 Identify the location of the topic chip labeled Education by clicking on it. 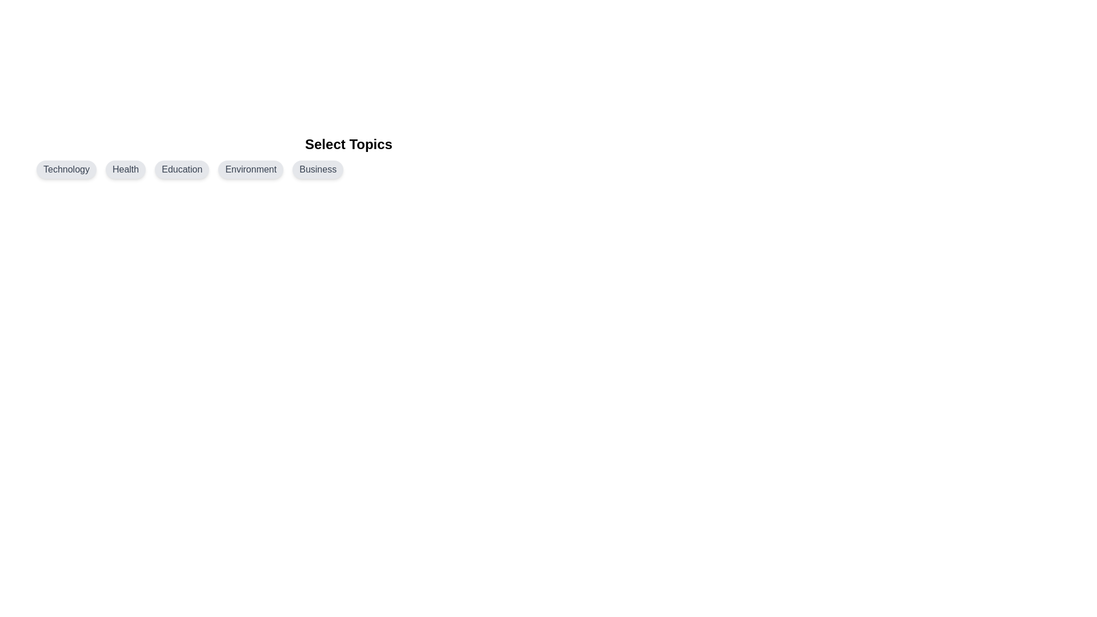
(181, 170).